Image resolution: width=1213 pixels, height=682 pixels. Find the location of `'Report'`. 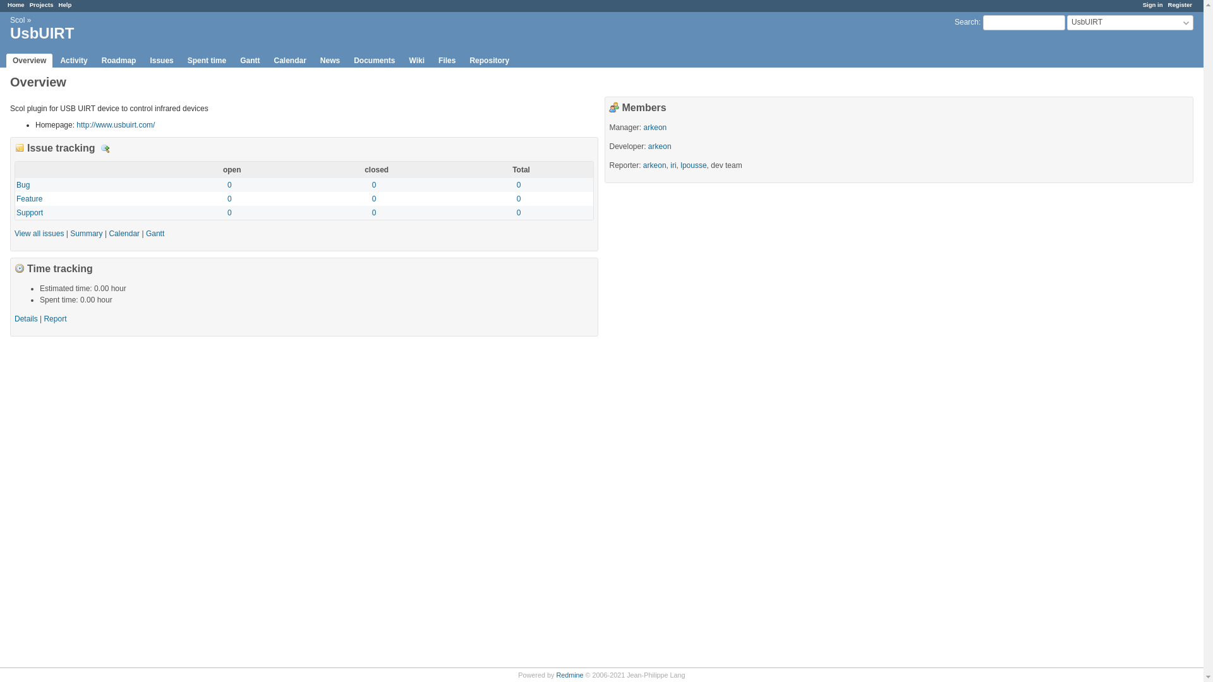

'Report' is located at coordinates (54, 318).